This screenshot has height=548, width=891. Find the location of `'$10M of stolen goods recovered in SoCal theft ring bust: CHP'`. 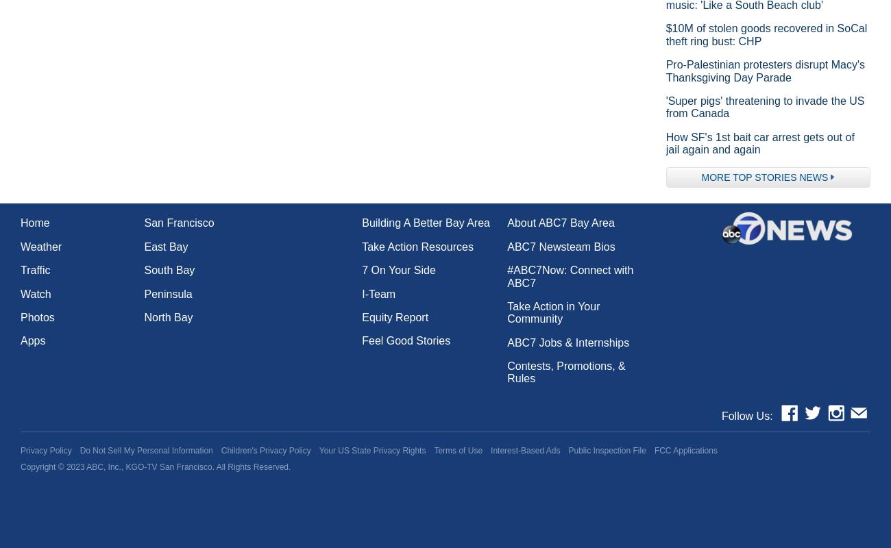

'$10M of stolen goods recovered in SoCal theft ring bust: CHP' is located at coordinates (665, 34).